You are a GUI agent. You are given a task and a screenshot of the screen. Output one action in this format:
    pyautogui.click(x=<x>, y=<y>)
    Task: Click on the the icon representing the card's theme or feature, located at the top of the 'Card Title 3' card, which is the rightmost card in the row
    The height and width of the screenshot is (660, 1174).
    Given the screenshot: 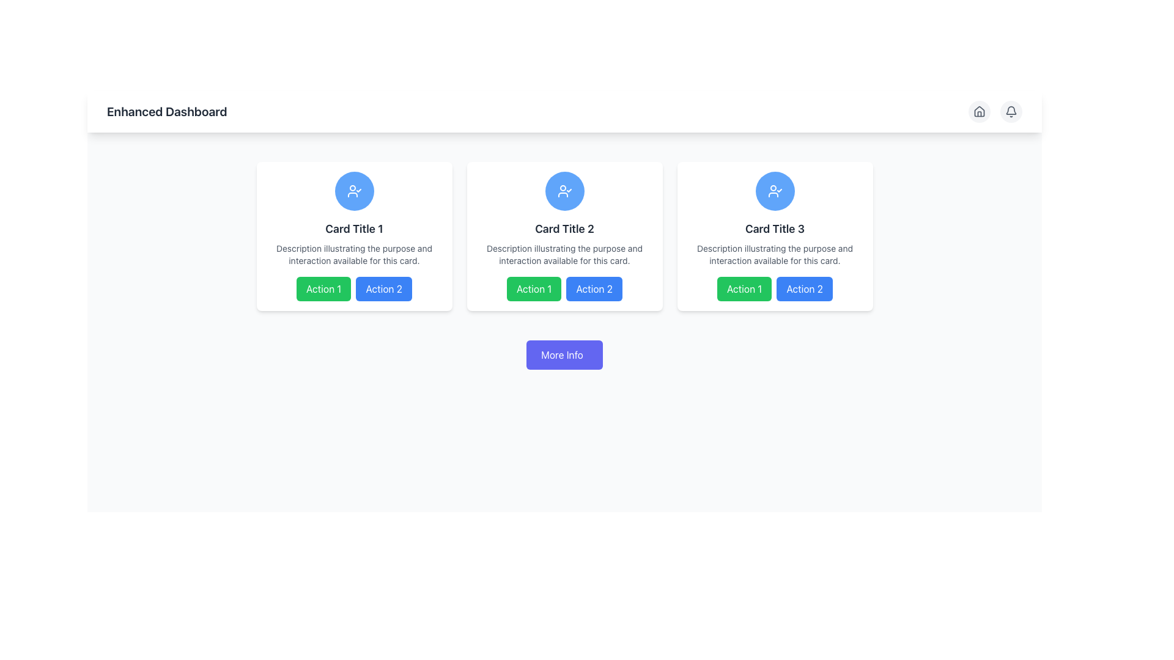 What is the action you would take?
    pyautogui.click(x=774, y=191)
    